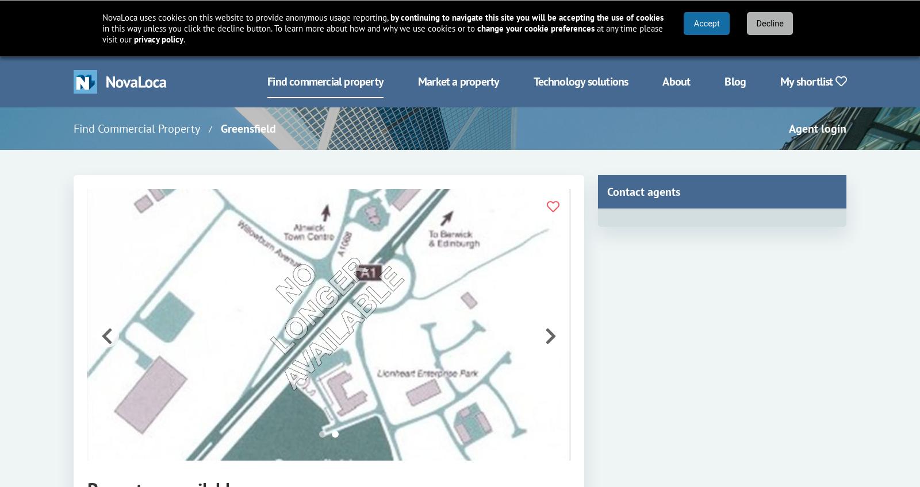  Describe the element at coordinates (136, 128) in the screenshot. I see `'Find Commercial Property'` at that location.